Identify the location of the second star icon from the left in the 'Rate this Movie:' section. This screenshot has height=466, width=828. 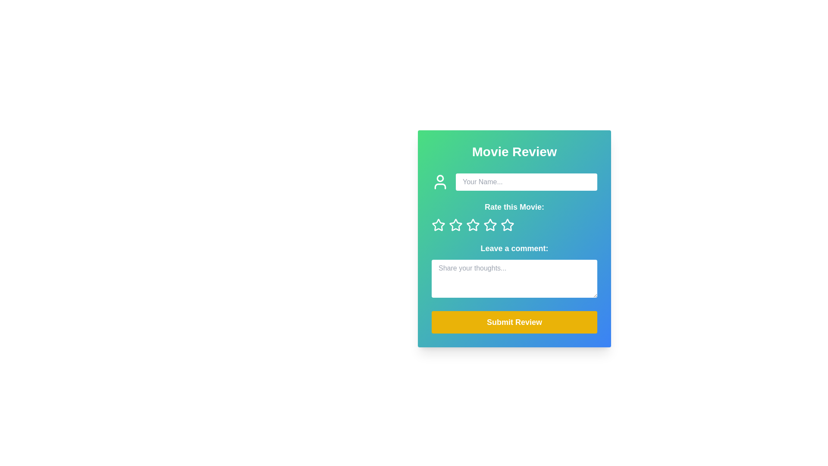
(455, 224).